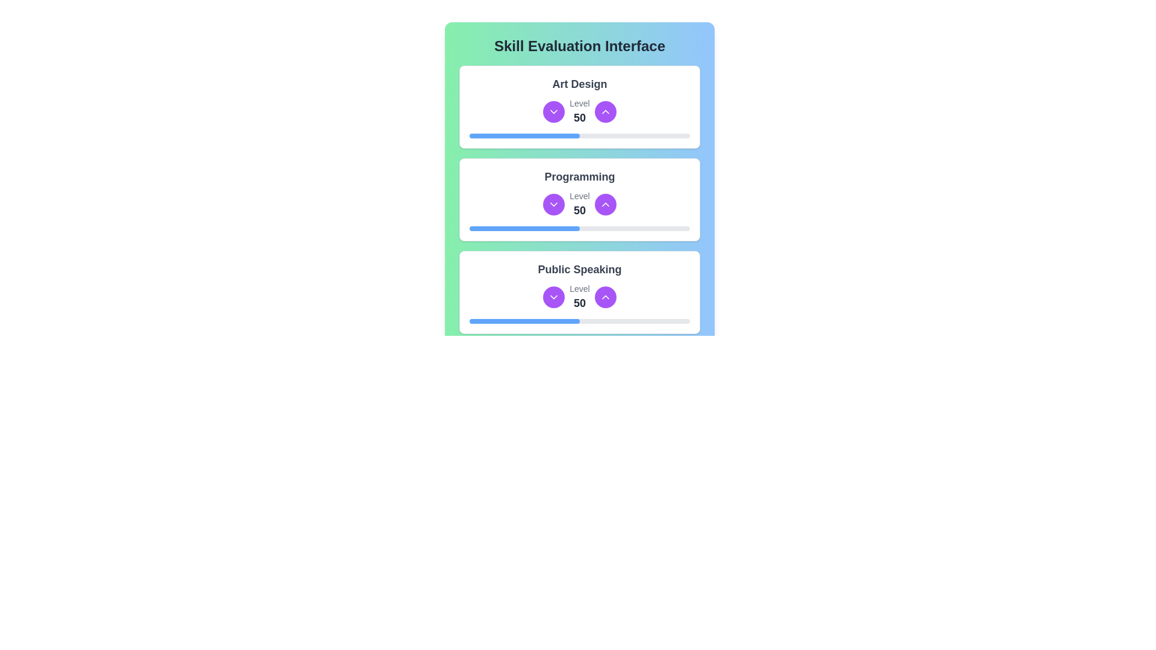 This screenshot has width=1156, height=650. Describe the element at coordinates (524, 320) in the screenshot. I see `the filled portion of the Progress Bar representing the user's progress in the 'Public Speaking' skill category` at that location.